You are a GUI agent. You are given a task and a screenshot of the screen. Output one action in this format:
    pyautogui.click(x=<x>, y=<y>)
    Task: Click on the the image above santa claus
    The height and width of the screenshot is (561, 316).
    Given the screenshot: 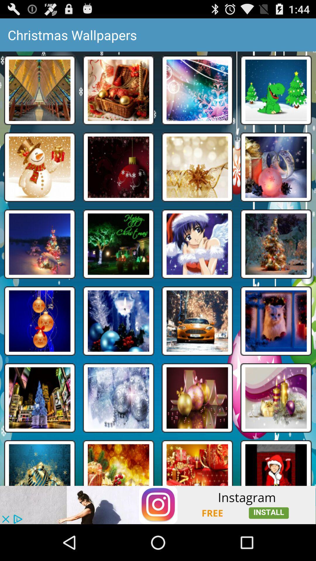 What is the action you would take?
    pyautogui.click(x=276, y=398)
    